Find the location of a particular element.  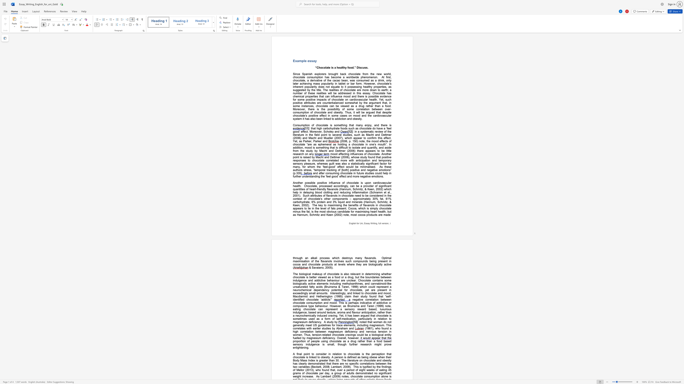

the subset text "gic" within the text "The biological makeup of chocolate is also relevant in" is located at coordinates (305, 274).